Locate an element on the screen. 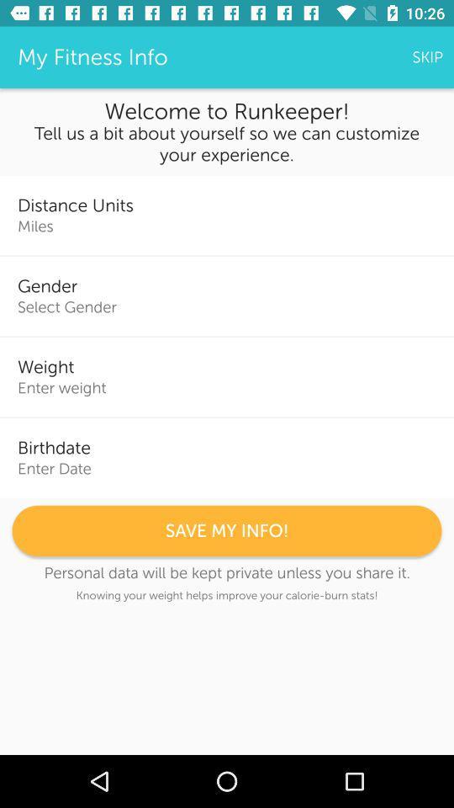 This screenshot has width=454, height=808. item above welcome to runkeeper! icon is located at coordinates (427, 57).